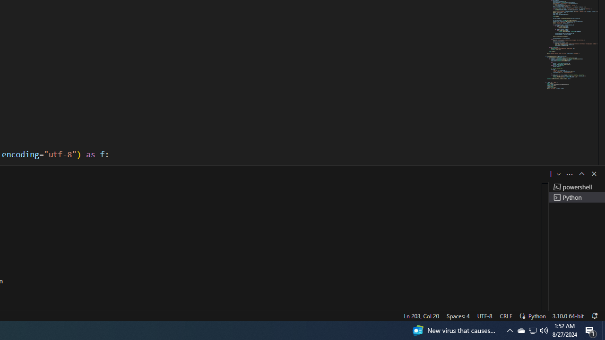 This screenshot has height=340, width=605. Describe the element at coordinates (484, 315) in the screenshot. I see `'UTF-8'` at that location.